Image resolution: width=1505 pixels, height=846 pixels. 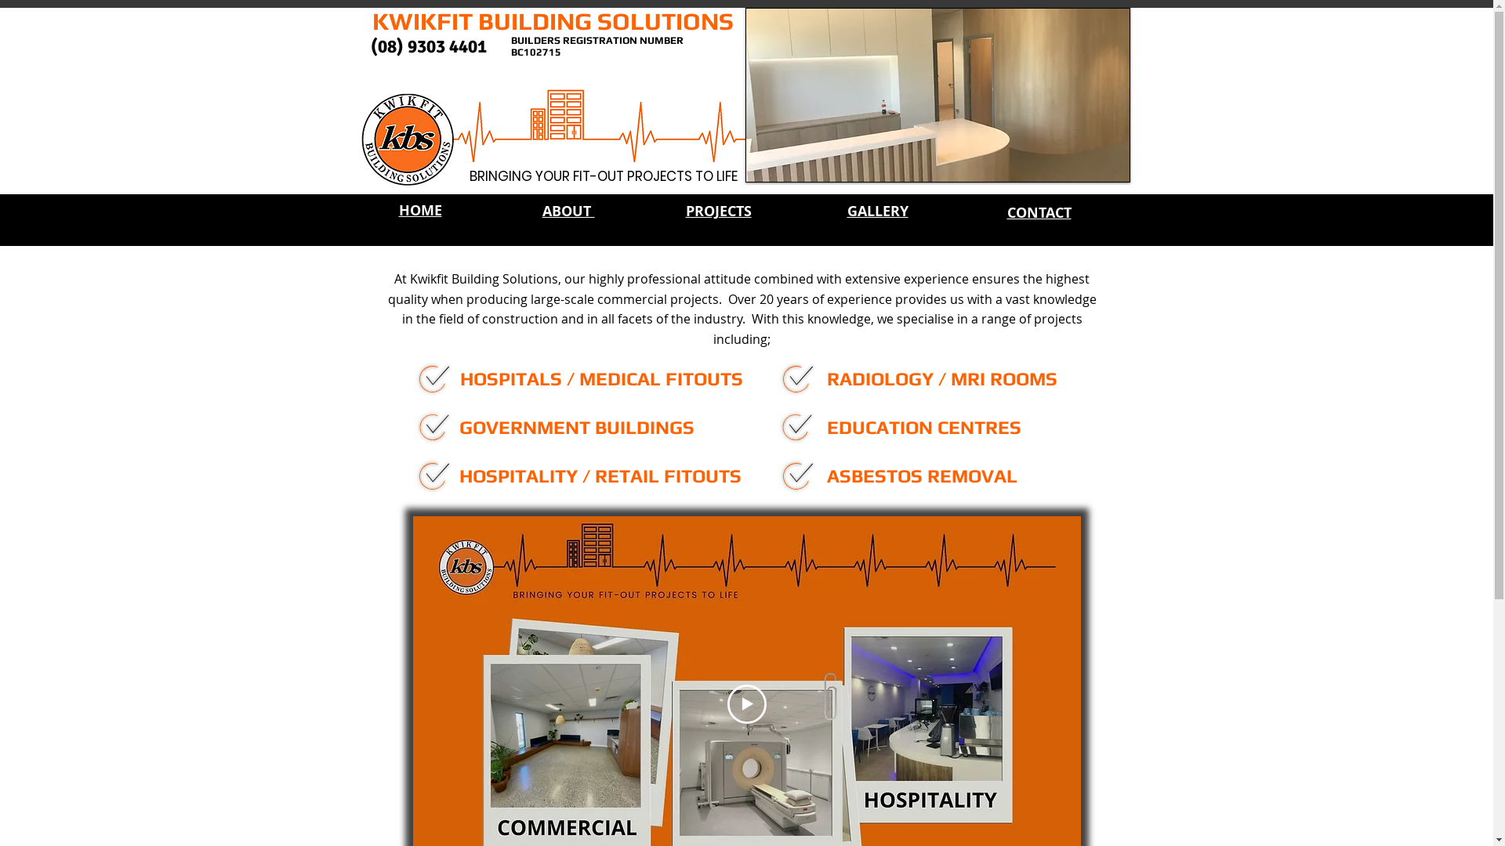 What do you see at coordinates (876, 210) in the screenshot?
I see `'GALLERY'` at bounding box center [876, 210].